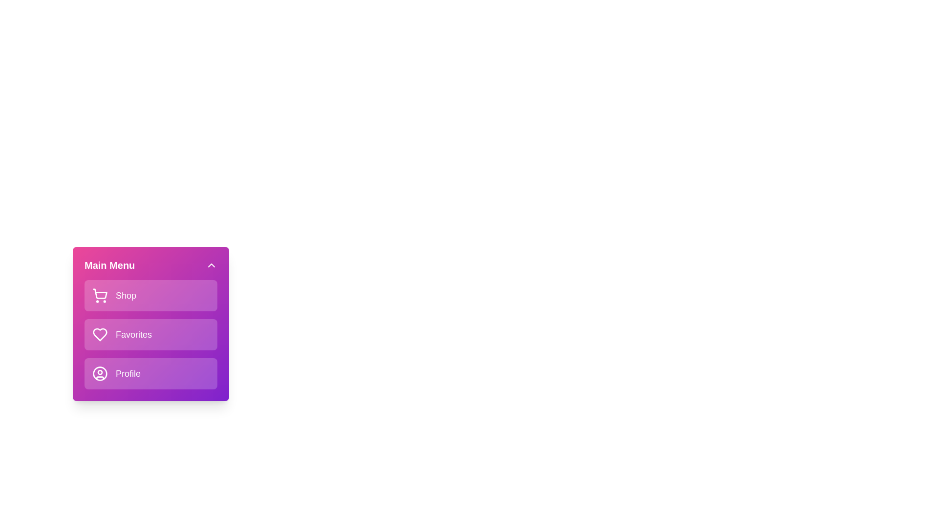  Describe the element at coordinates (150, 373) in the screenshot. I see `the menu item Profile` at that location.